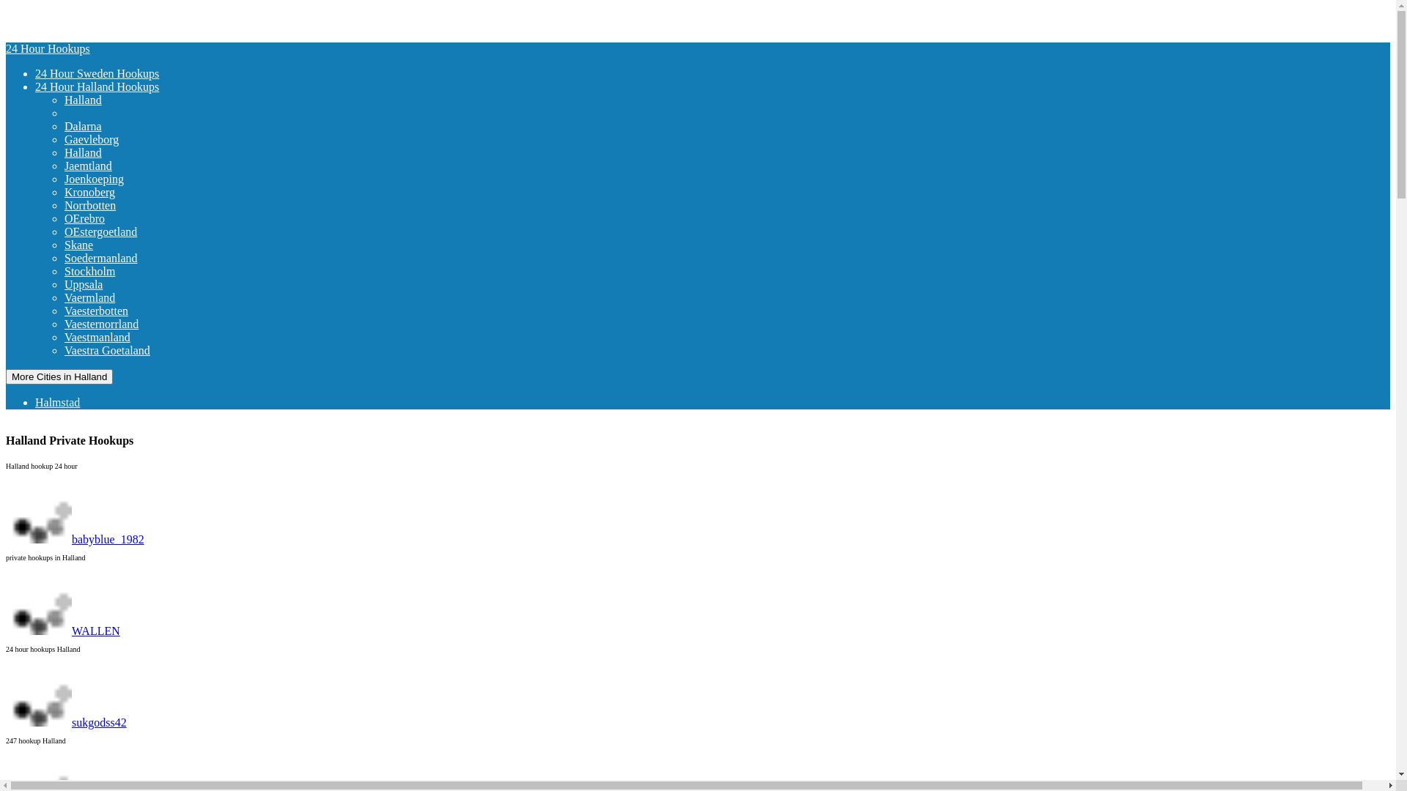 The height and width of the screenshot is (791, 1407). What do you see at coordinates (96, 73) in the screenshot?
I see `'24 Hour Sweden Hookups'` at bounding box center [96, 73].